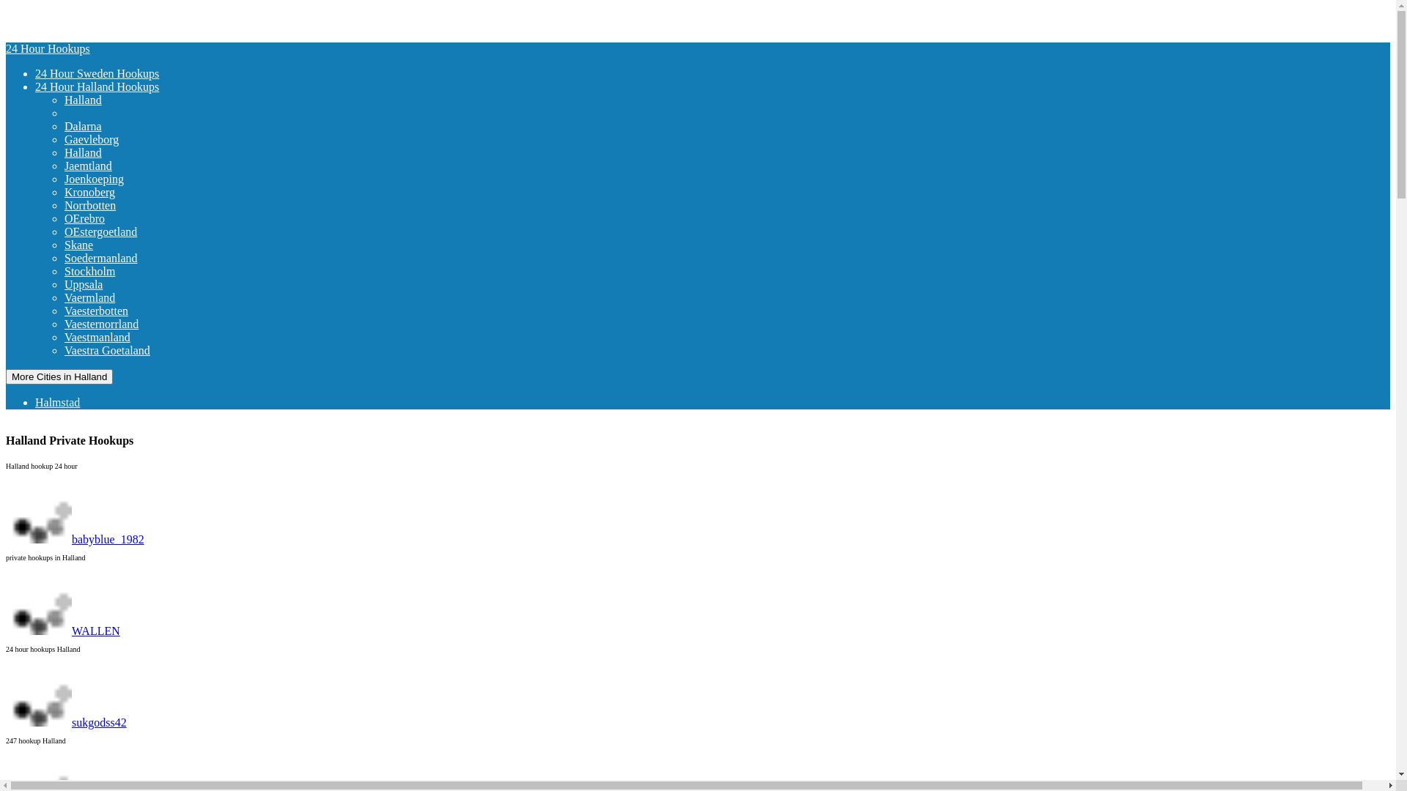 The height and width of the screenshot is (791, 1407). What do you see at coordinates (96, 73) in the screenshot?
I see `'24 Hour Sweden Hookups'` at bounding box center [96, 73].